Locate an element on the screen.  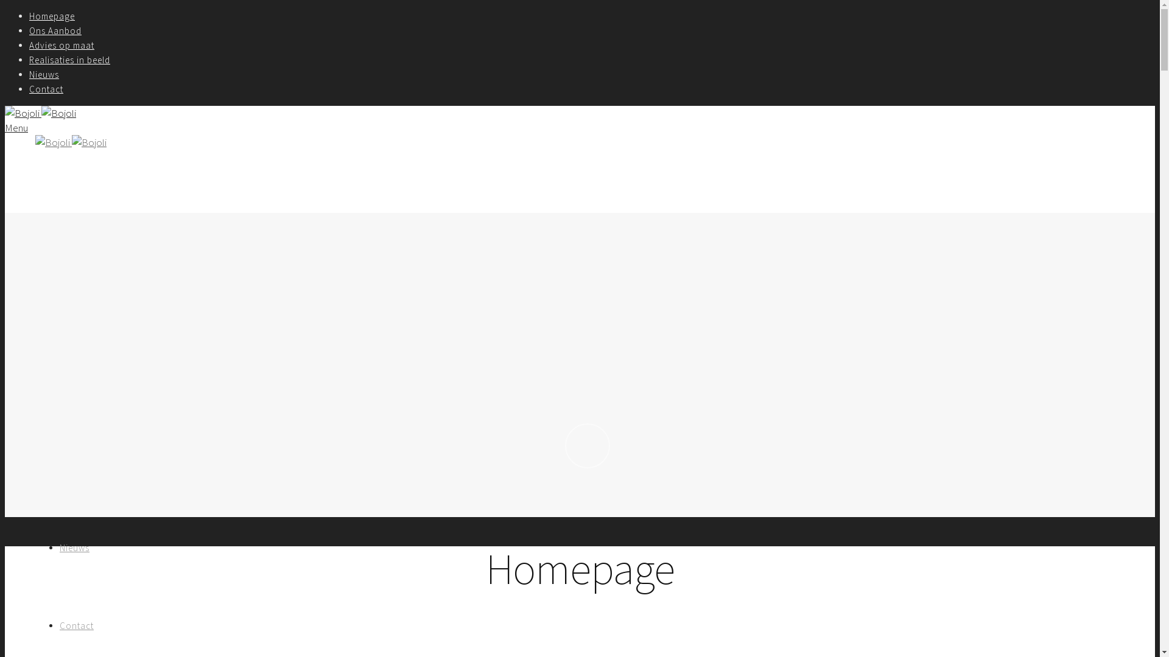
'Advies op maat' is located at coordinates (91, 392).